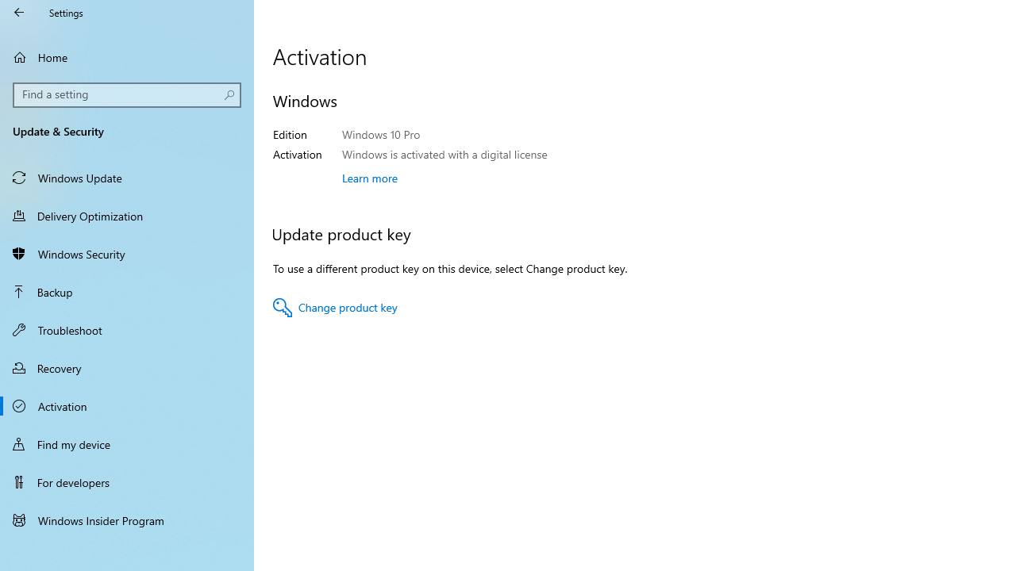  What do you see at coordinates (127, 94) in the screenshot?
I see `'Search box, Find a setting'` at bounding box center [127, 94].